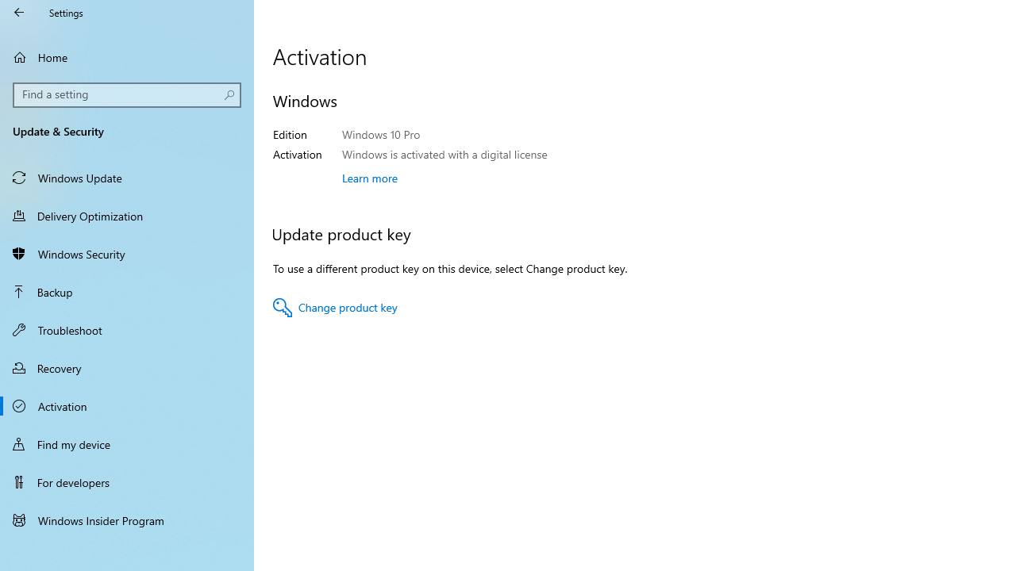  What do you see at coordinates (127, 94) in the screenshot?
I see `'Search box, Find a setting'` at bounding box center [127, 94].